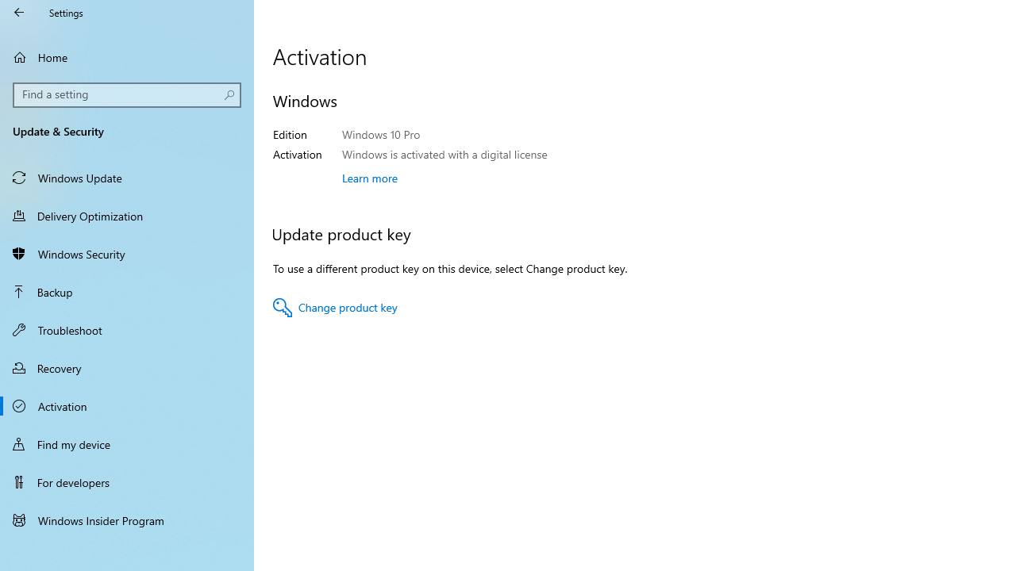  What do you see at coordinates (127, 94) in the screenshot?
I see `'Search box, Find a setting'` at bounding box center [127, 94].